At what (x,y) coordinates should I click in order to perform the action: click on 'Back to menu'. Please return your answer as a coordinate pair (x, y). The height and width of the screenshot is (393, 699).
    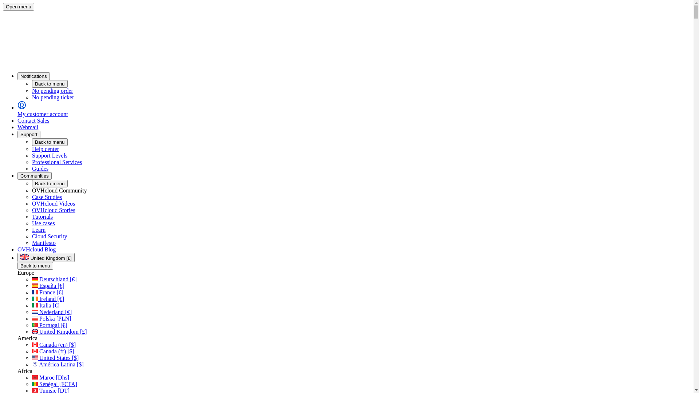
    Looking at the image, I should click on (50, 183).